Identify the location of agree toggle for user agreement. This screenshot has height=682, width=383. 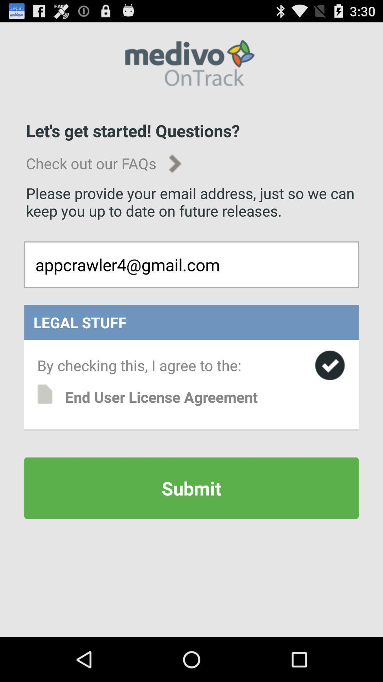
(330, 365).